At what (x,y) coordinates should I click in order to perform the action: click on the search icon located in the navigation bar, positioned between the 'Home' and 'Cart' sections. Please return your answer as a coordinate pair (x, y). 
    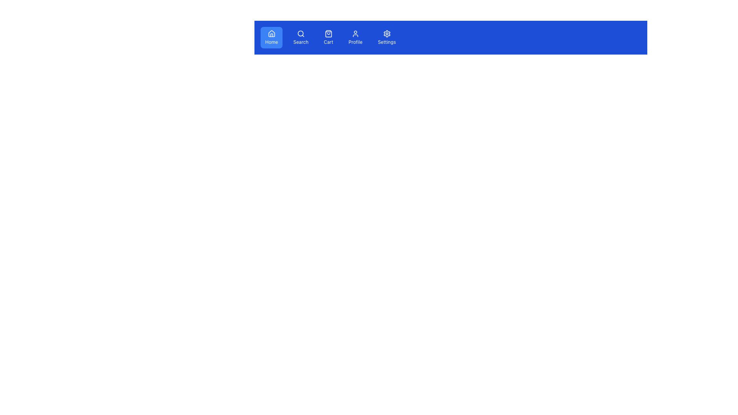
    Looking at the image, I should click on (300, 33).